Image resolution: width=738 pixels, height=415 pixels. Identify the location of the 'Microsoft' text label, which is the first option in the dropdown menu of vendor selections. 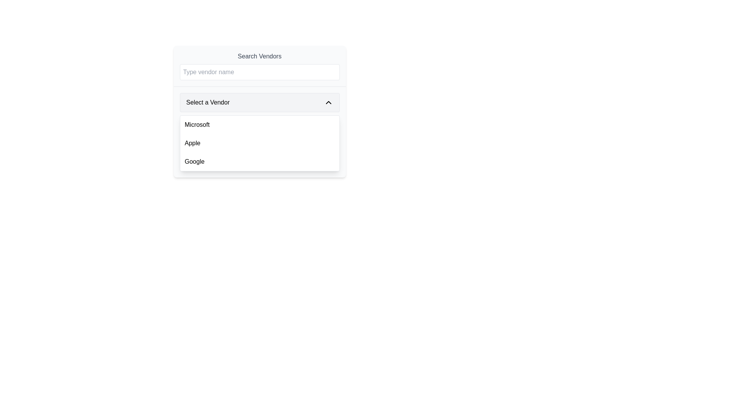
(197, 124).